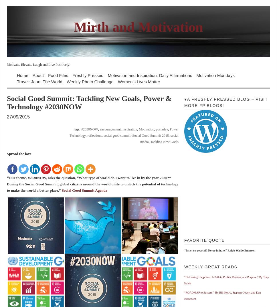 This screenshot has height=307, width=277. Describe the element at coordinates (87, 136) in the screenshot. I see `'reflections'` at that location.